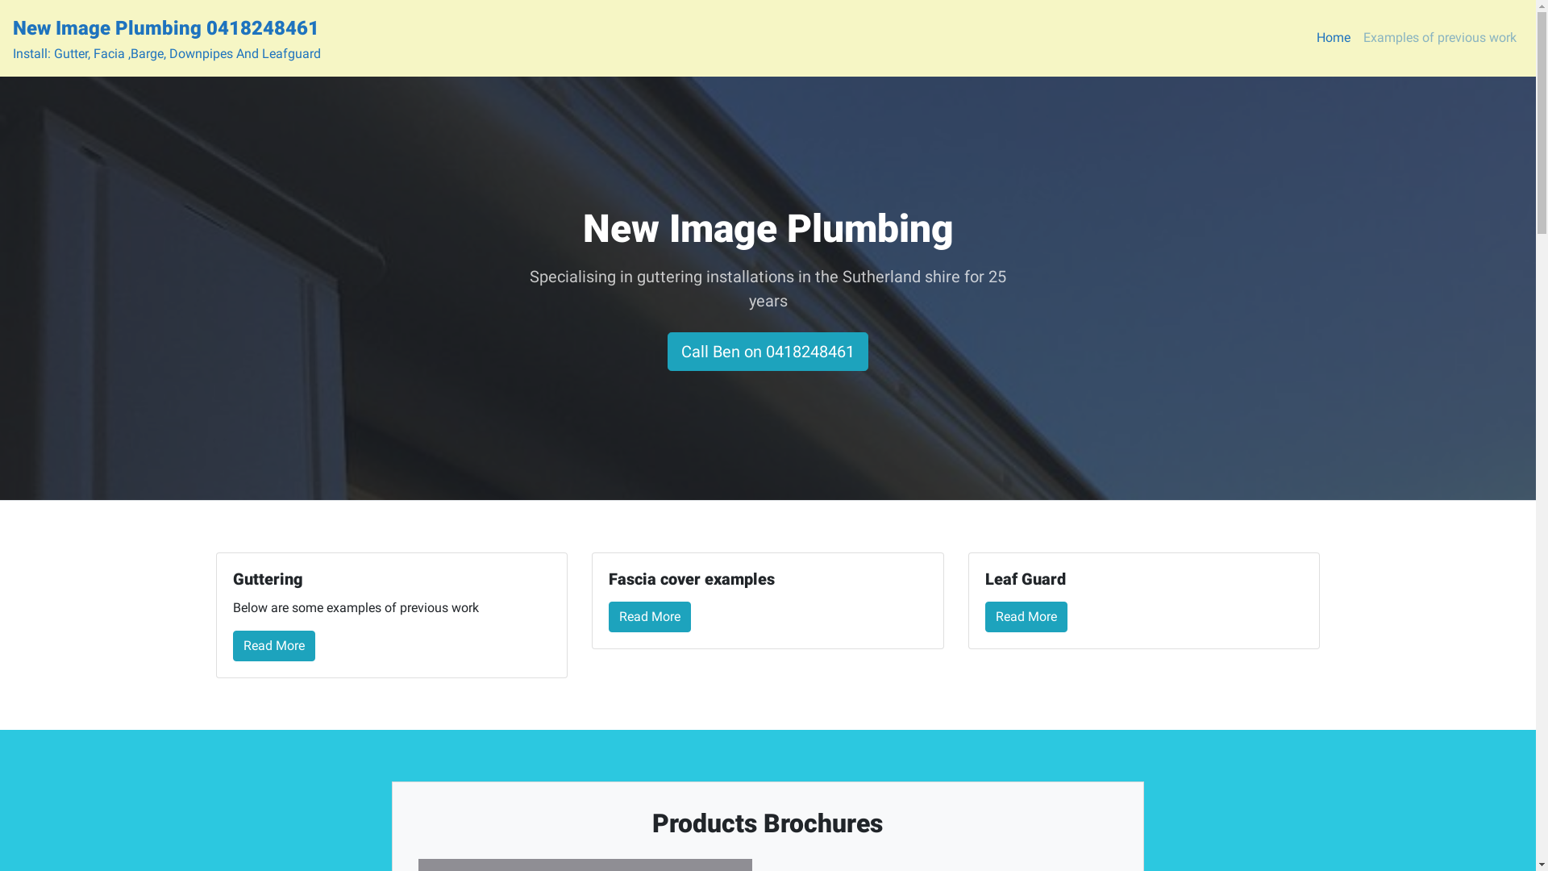  Describe the element at coordinates (273, 645) in the screenshot. I see `'Read More'` at that location.